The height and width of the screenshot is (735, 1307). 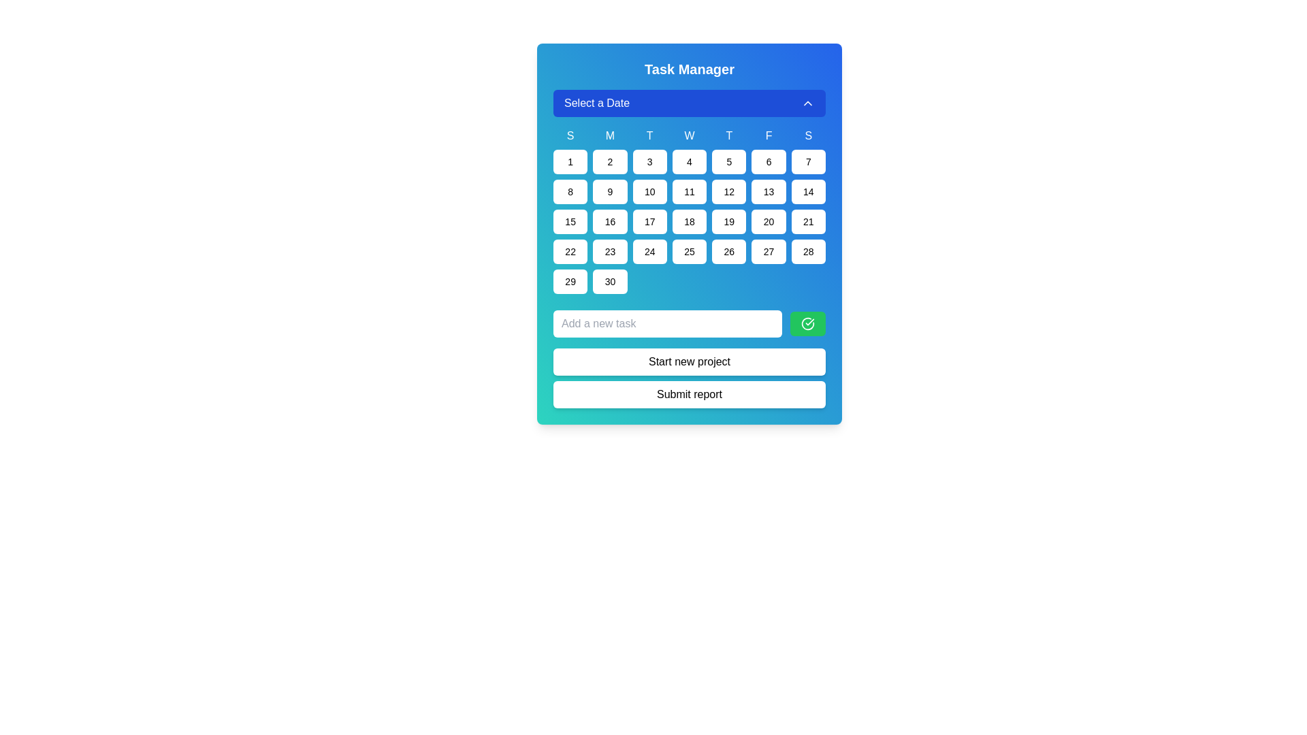 I want to click on the rectangular button displaying the number '13' in black text on a white background, so click(x=769, y=191).